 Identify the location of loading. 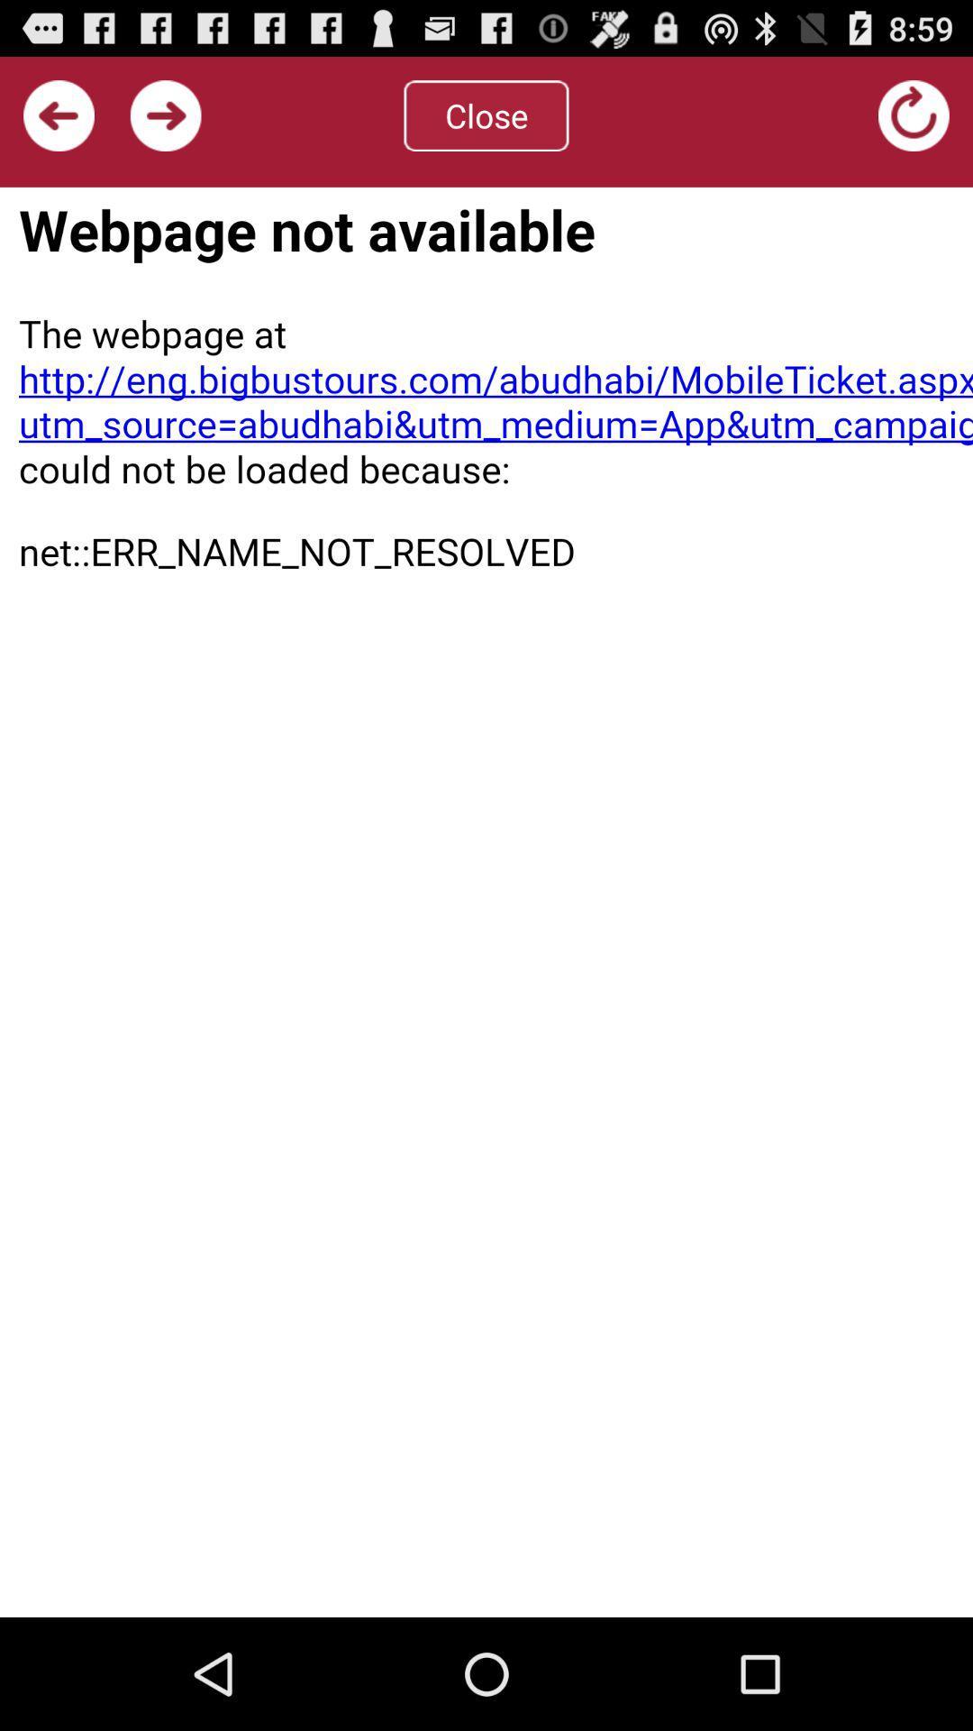
(914, 114).